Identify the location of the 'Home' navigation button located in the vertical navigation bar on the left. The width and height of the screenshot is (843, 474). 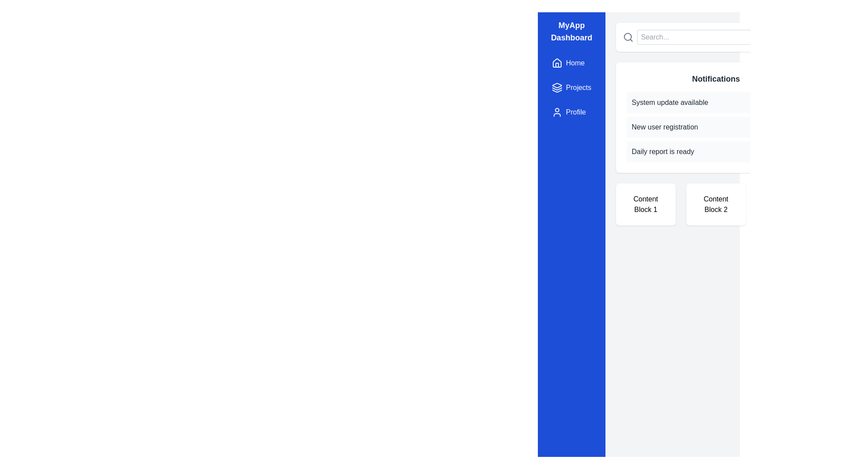
(568, 62).